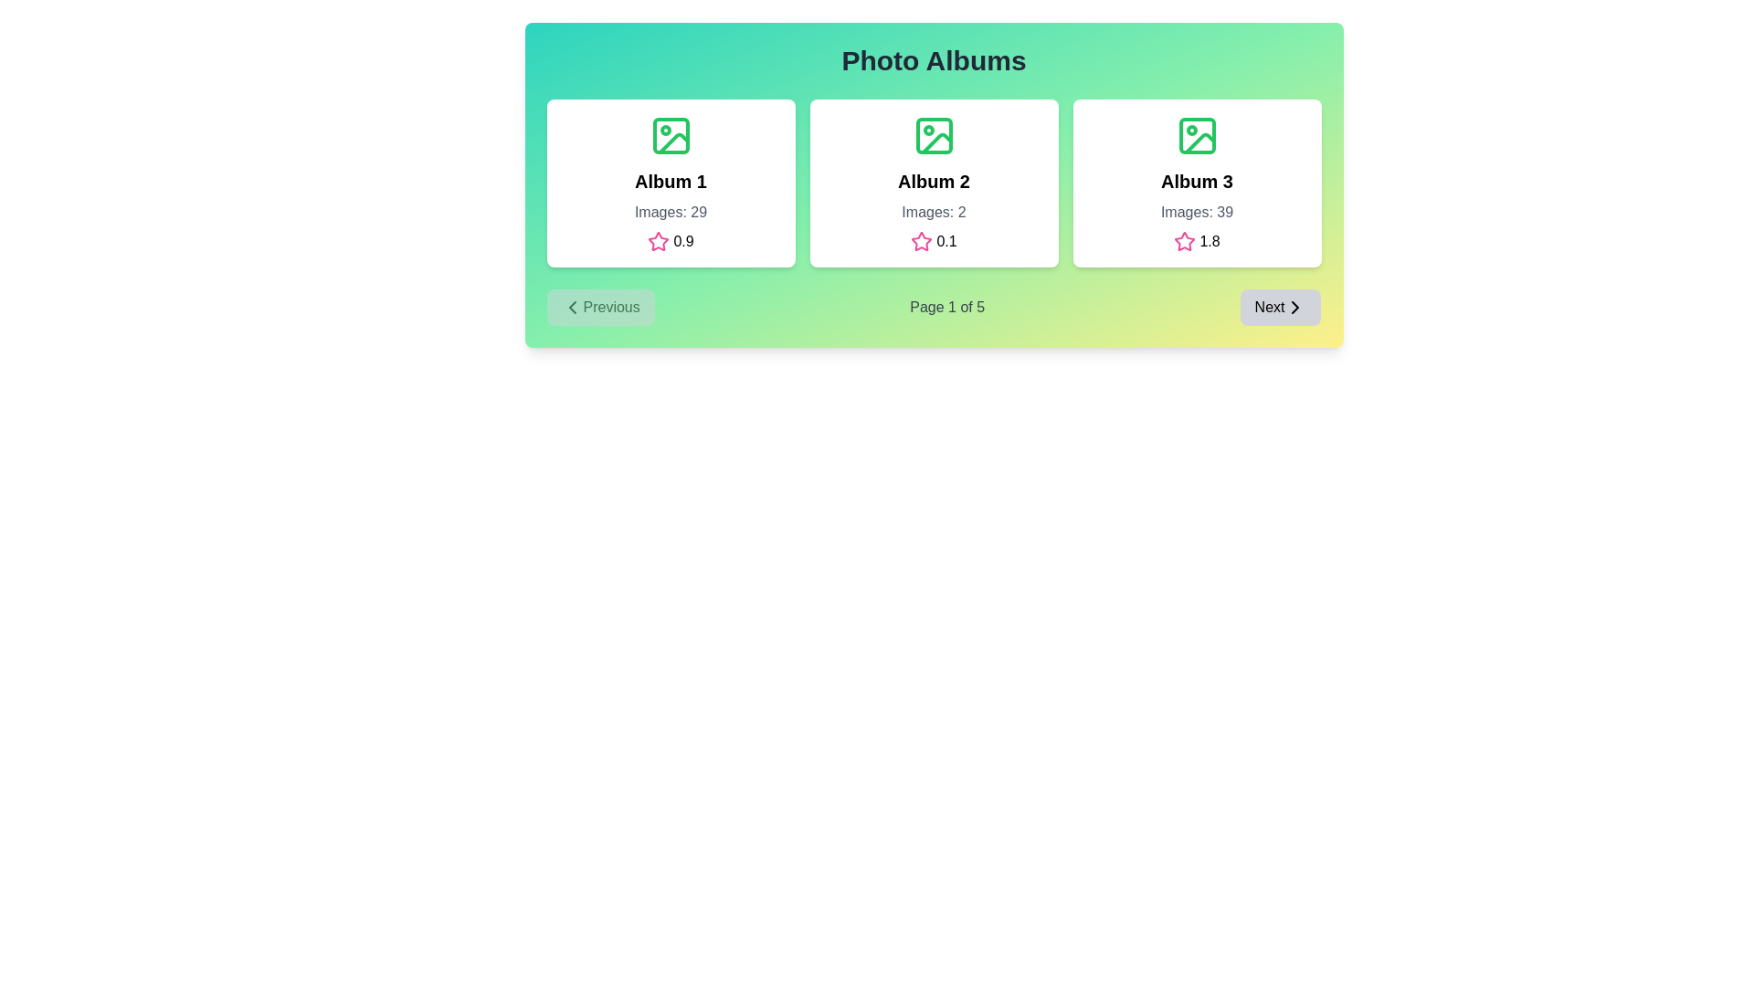 This screenshot has height=986, width=1754. I want to click on the green-colored photo icon with a landscape and sun, located at the top center of the 'Album 3' card, so click(1197, 135).